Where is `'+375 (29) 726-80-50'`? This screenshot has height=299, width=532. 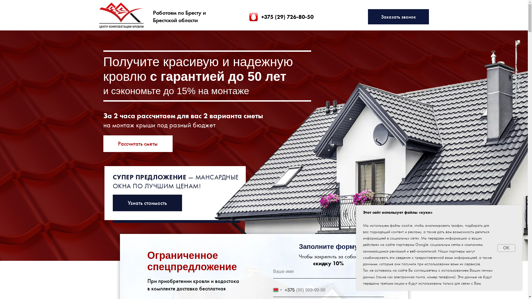
'+375 (29) 726-80-50' is located at coordinates (260, 17).